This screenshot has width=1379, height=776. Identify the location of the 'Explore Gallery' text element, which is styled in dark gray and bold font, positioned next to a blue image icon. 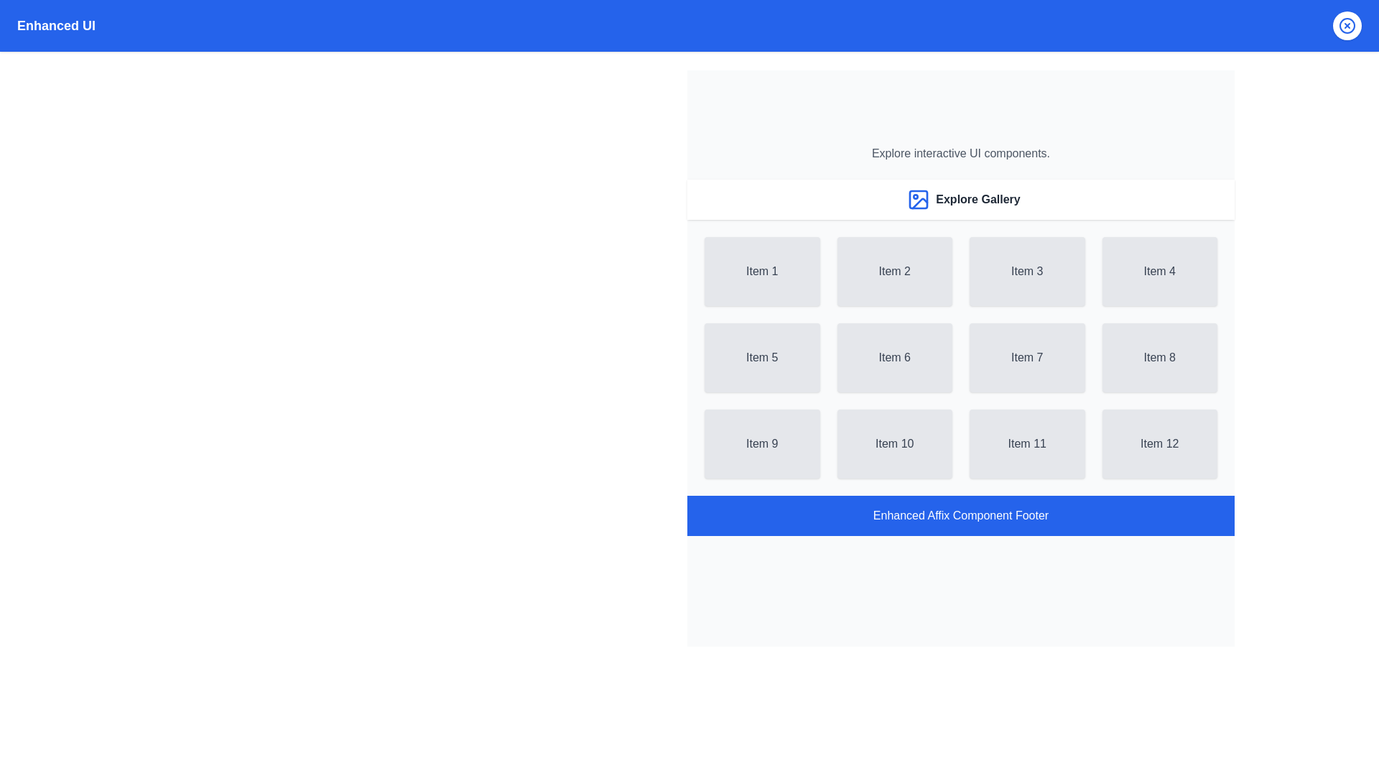
(978, 199).